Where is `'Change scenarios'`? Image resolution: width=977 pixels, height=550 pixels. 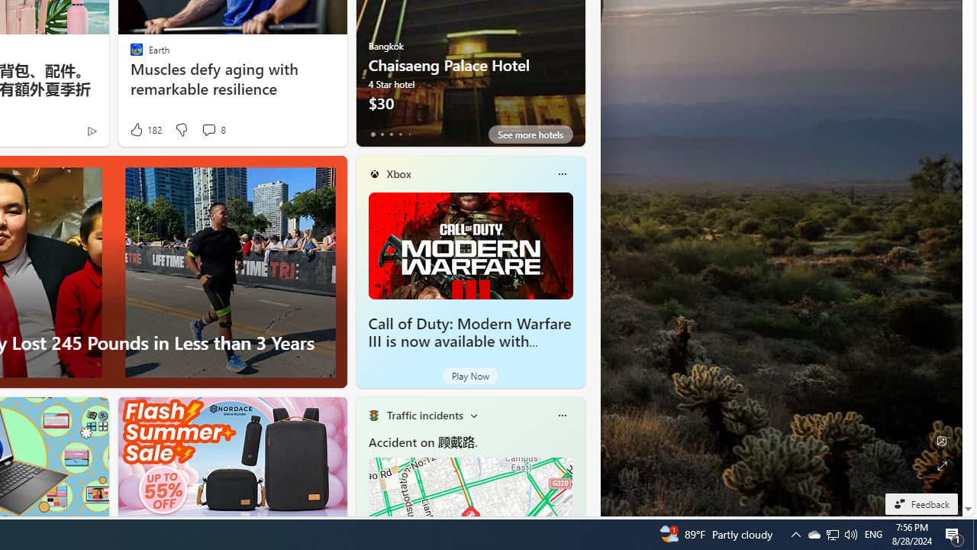
'Change scenarios' is located at coordinates (472, 415).